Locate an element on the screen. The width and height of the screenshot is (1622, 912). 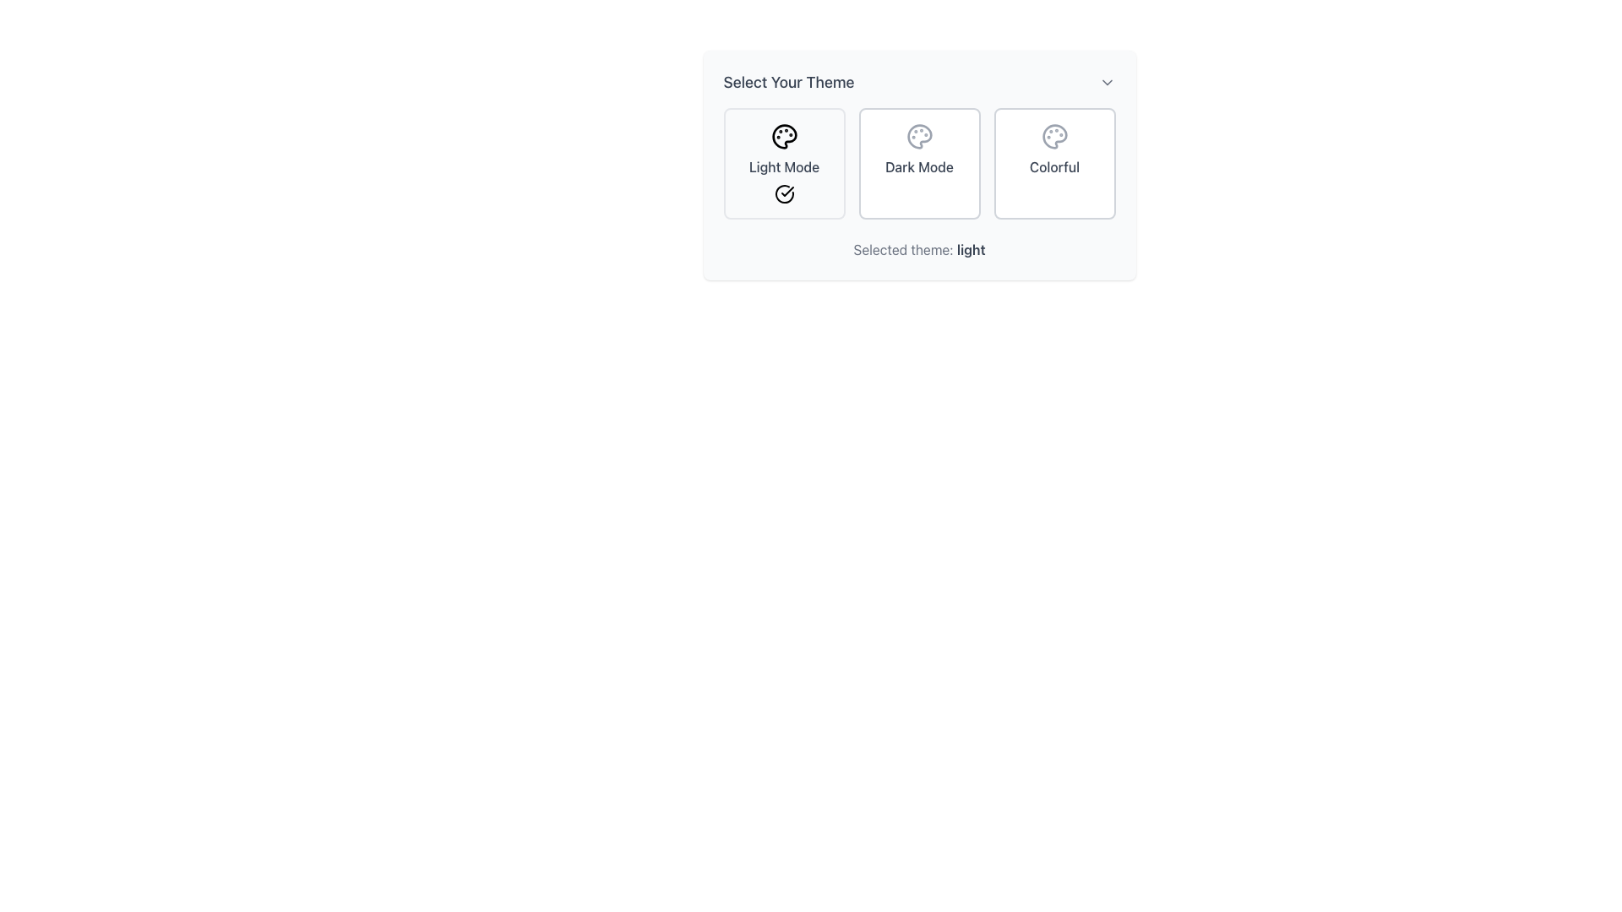
the painter's palette icon, which is light gray and located above the 'Dark Mode' text in the theme selection box is located at coordinates (918, 136).